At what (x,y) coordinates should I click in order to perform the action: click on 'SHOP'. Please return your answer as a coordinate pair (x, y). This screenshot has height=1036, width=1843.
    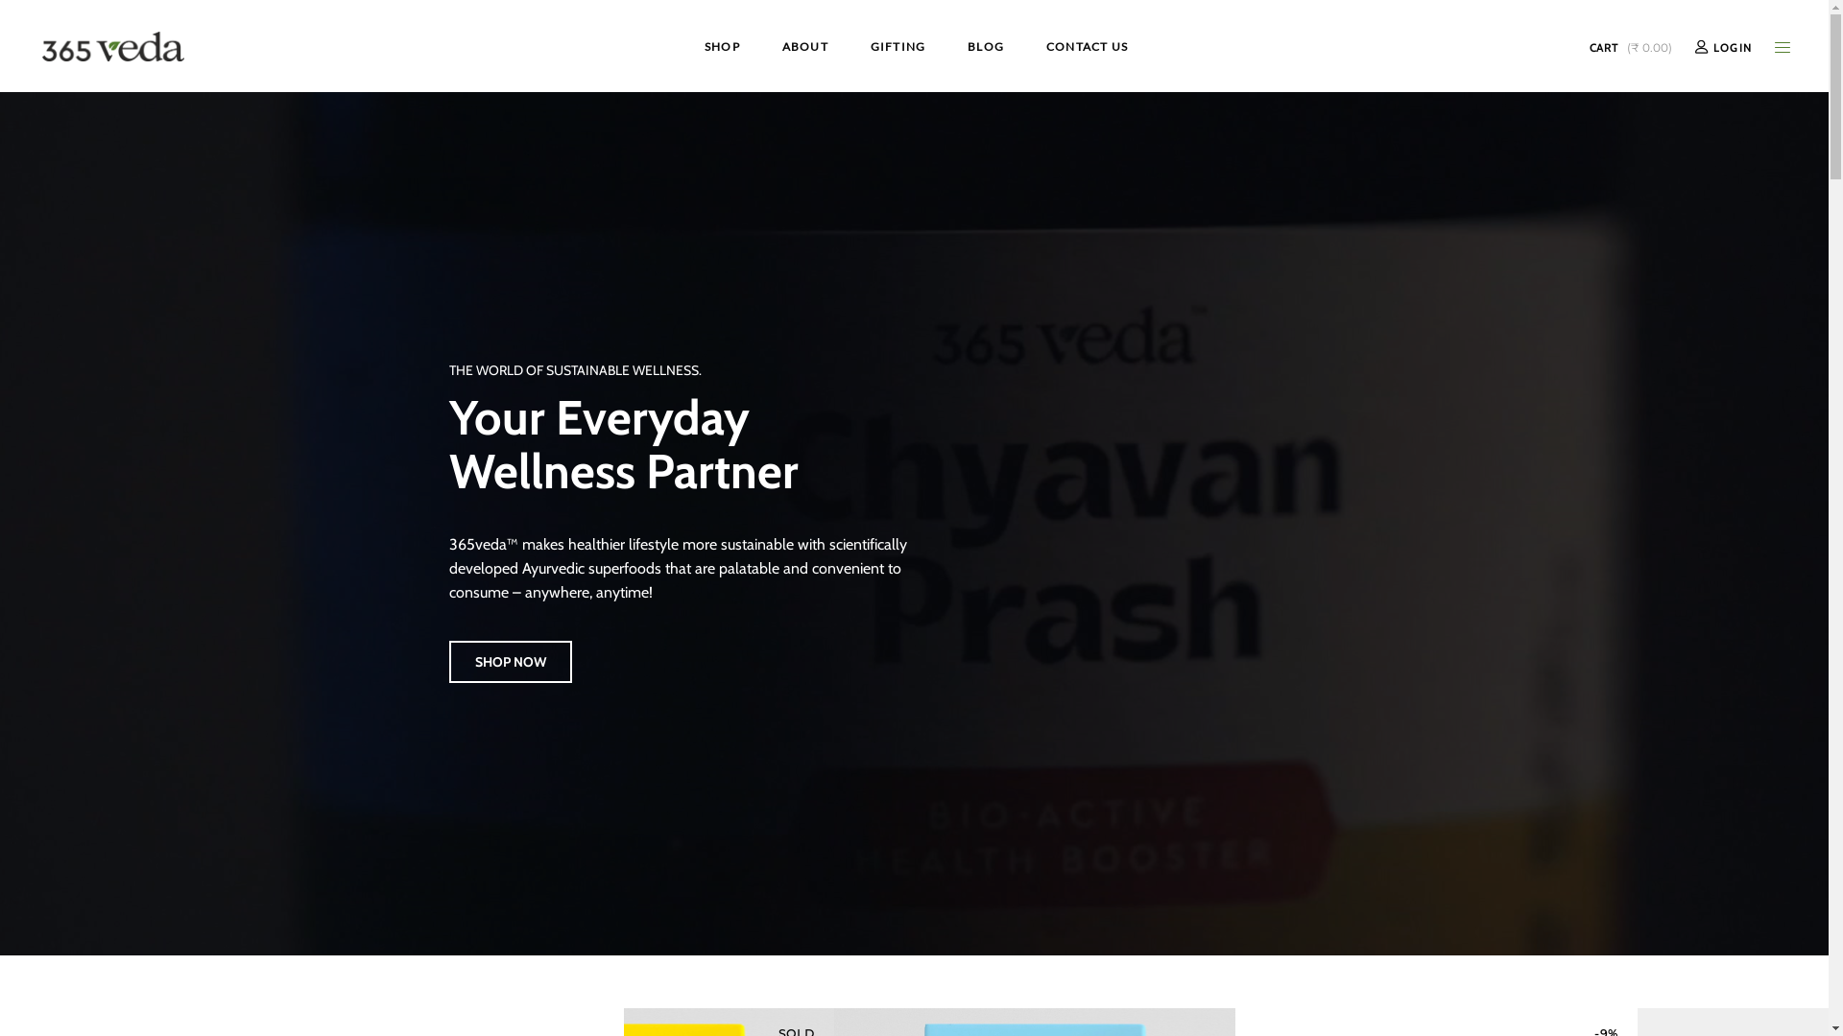
    Looking at the image, I should click on (682, 44).